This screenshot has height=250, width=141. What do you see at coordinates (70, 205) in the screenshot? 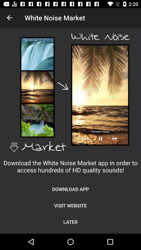
I see `the item below download app` at bounding box center [70, 205].